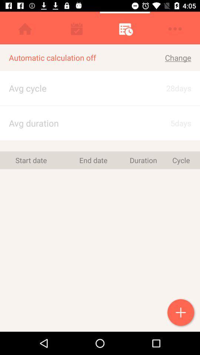  What do you see at coordinates (171, 123) in the screenshot?
I see `5days icon` at bounding box center [171, 123].